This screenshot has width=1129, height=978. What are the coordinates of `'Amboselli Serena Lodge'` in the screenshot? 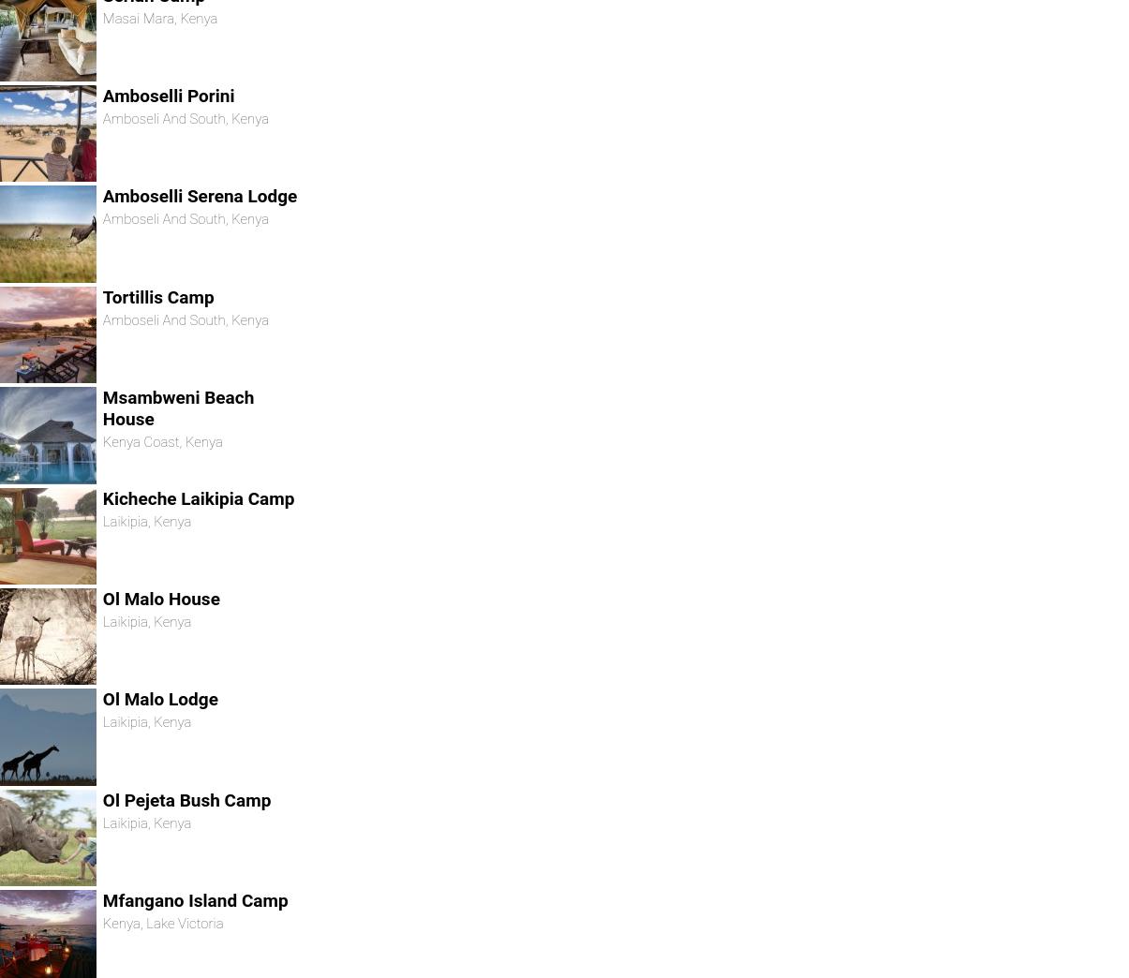 It's located at (199, 196).